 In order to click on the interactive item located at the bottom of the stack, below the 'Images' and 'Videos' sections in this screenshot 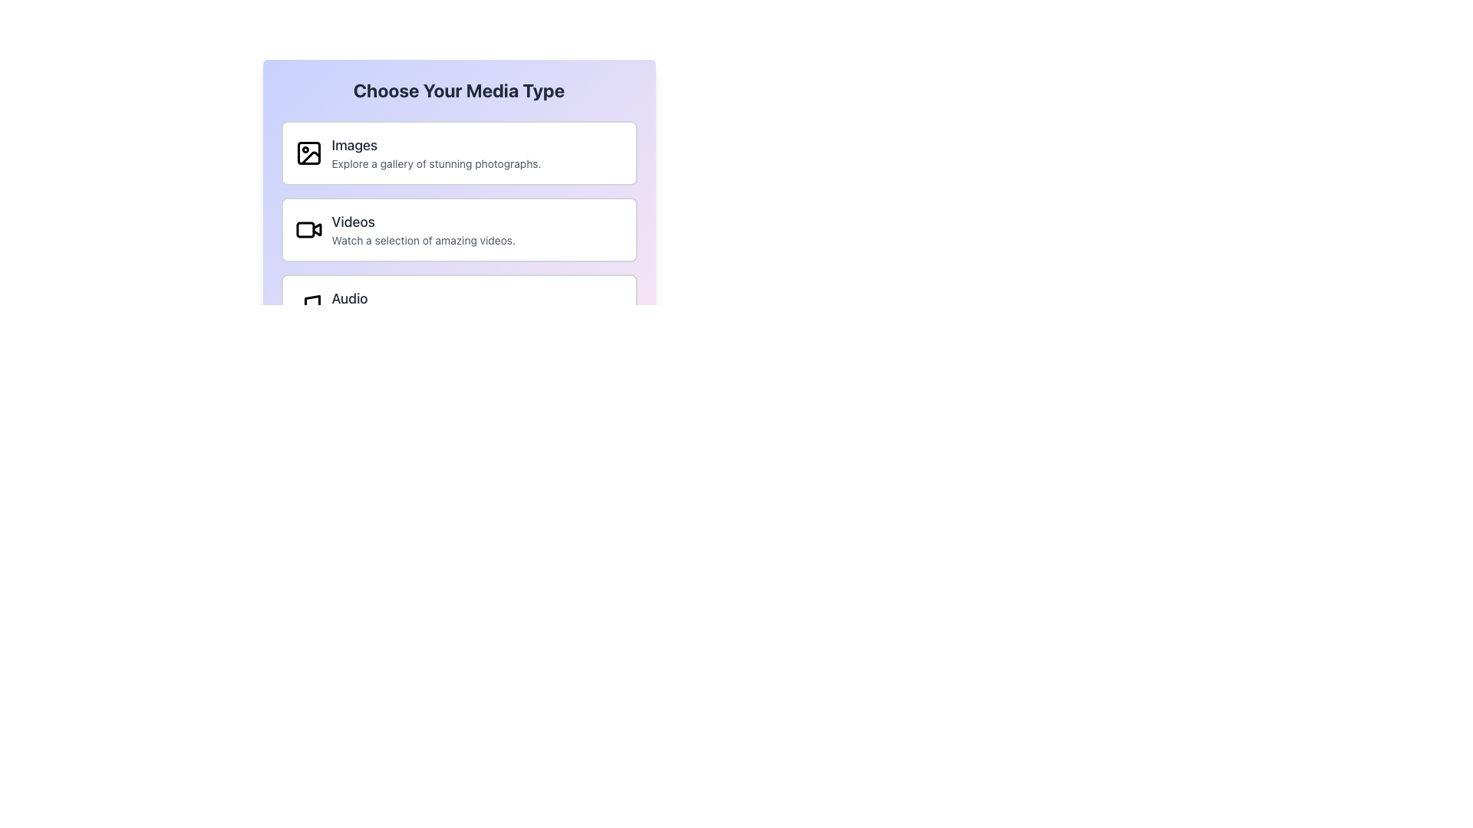, I will do `click(458, 307)`.